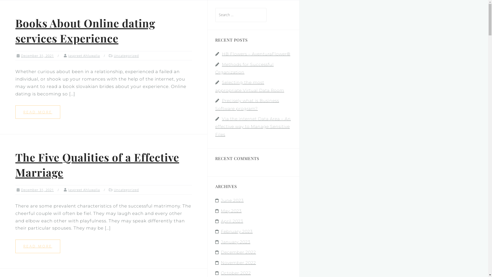 This screenshot has height=277, width=492. I want to click on 'READ MORE', so click(37, 246).